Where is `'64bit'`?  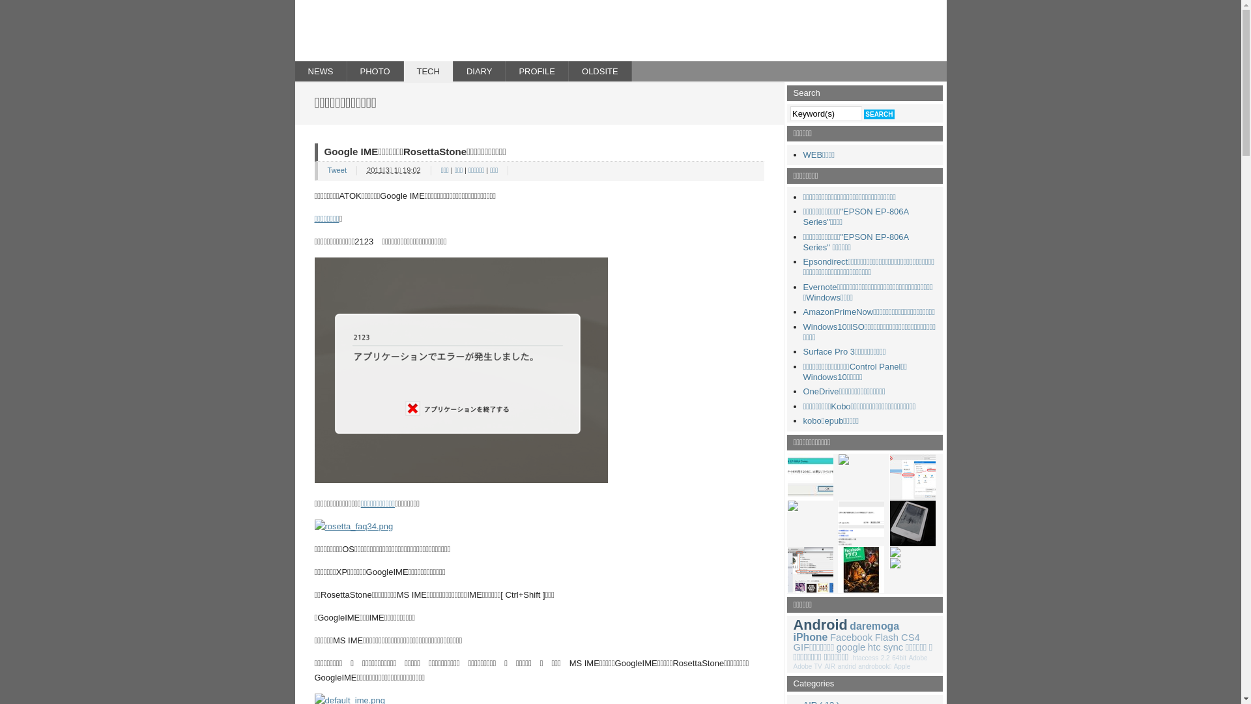
'64bit' is located at coordinates (899, 658).